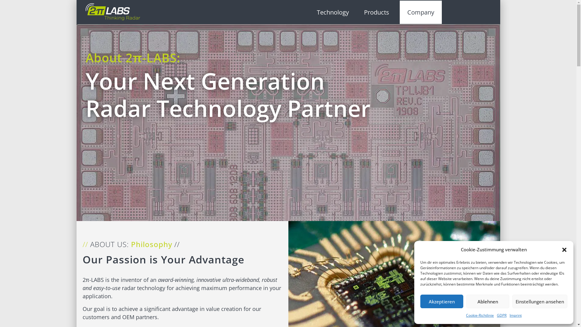  Describe the element at coordinates (501, 315) in the screenshot. I see `'GDPR'` at that location.